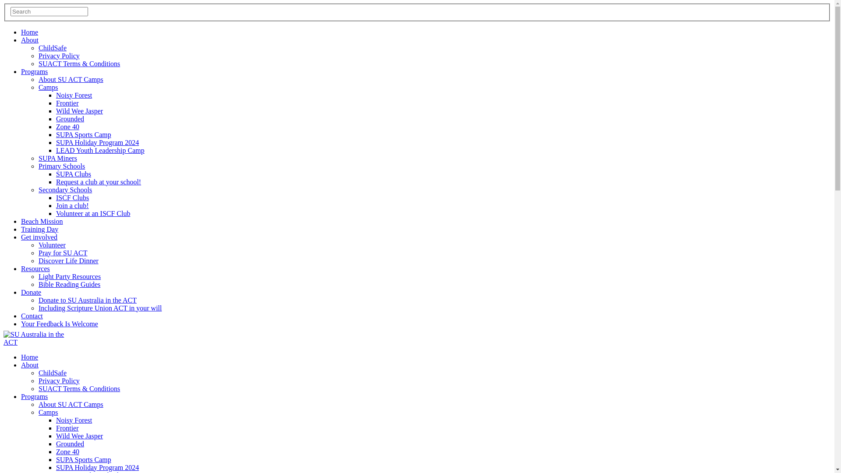 The image size is (841, 473). What do you see at coordinates (48, 87) in the screenshot?
I see `'Camps'` at bounding box center [48, 87].